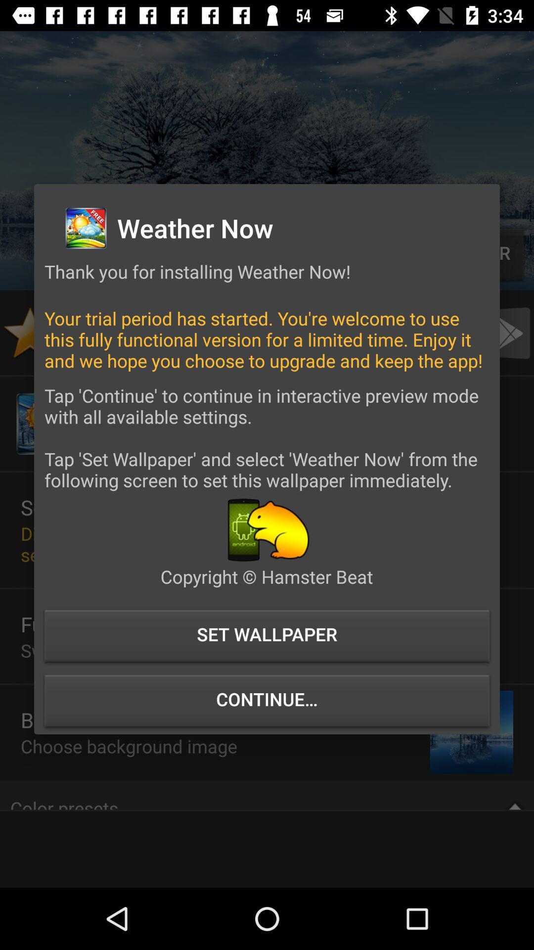 This screenshot has height=950, width=534. What do you see at coordinates (266, 529) in the screenshot?
I see `shows bear icon` at bounding box center [266, 529].